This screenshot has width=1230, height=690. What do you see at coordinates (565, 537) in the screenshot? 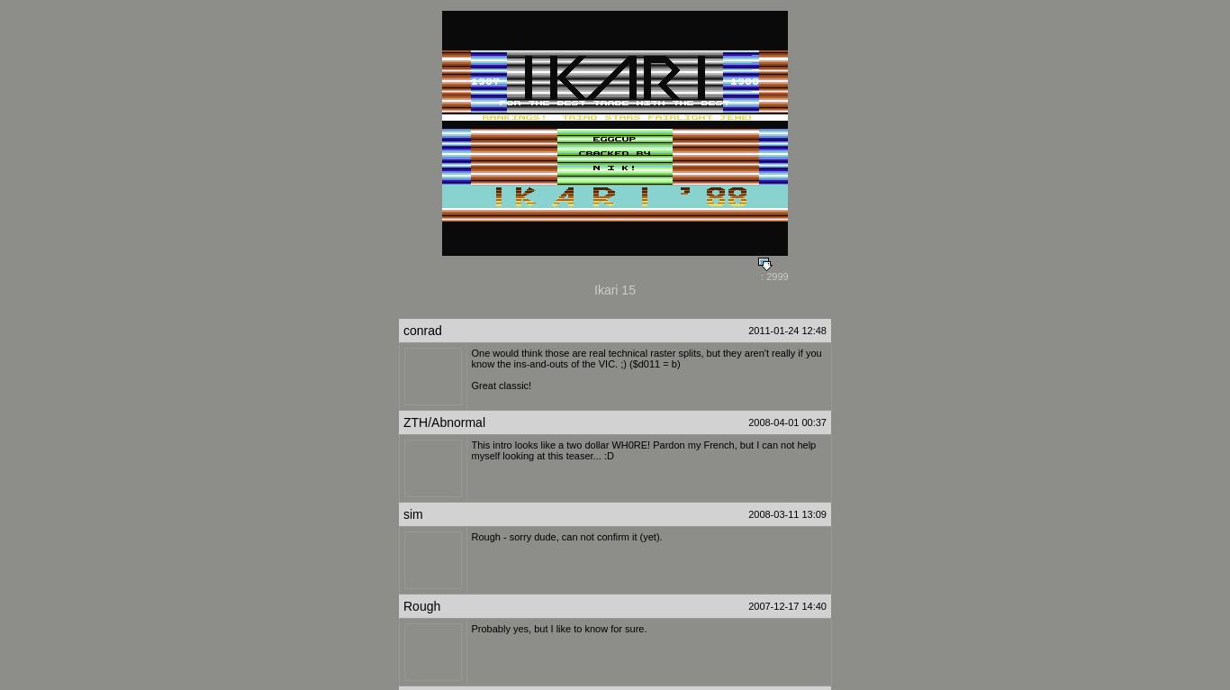
I see `'Rough - sorry dude, can not confirm it (yet).'` at bounding box center [565, 537].